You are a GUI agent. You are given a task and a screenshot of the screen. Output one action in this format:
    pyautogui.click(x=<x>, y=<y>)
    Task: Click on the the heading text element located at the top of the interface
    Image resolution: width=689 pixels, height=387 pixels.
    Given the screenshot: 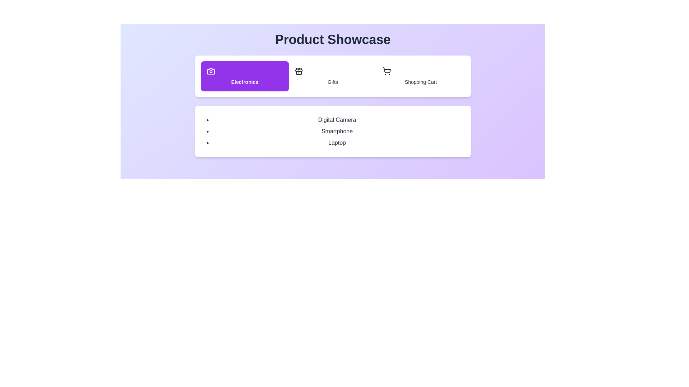 What is the action you would take?
    pyautogui.click(x=332, y=40)
    